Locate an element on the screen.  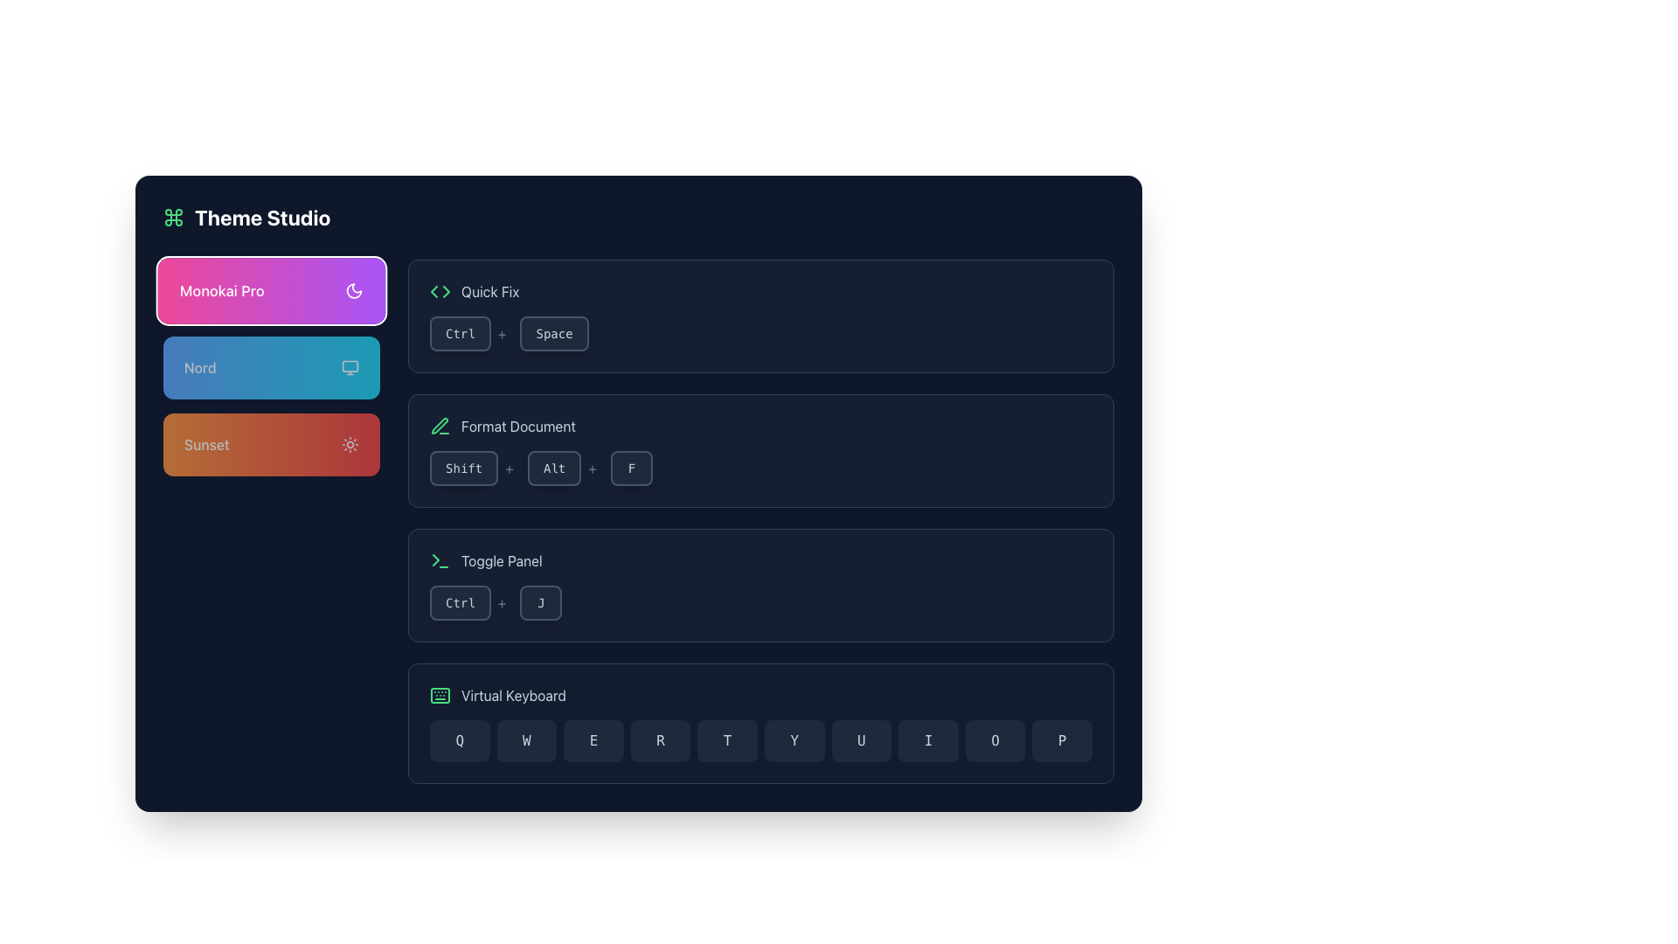
the 'Sunset' theme icon located on the right segment of the 'Sunset' block, which is the third entry in the vertical list of theme options in the 'Theme Studio' is located at coordinates (350, 444).